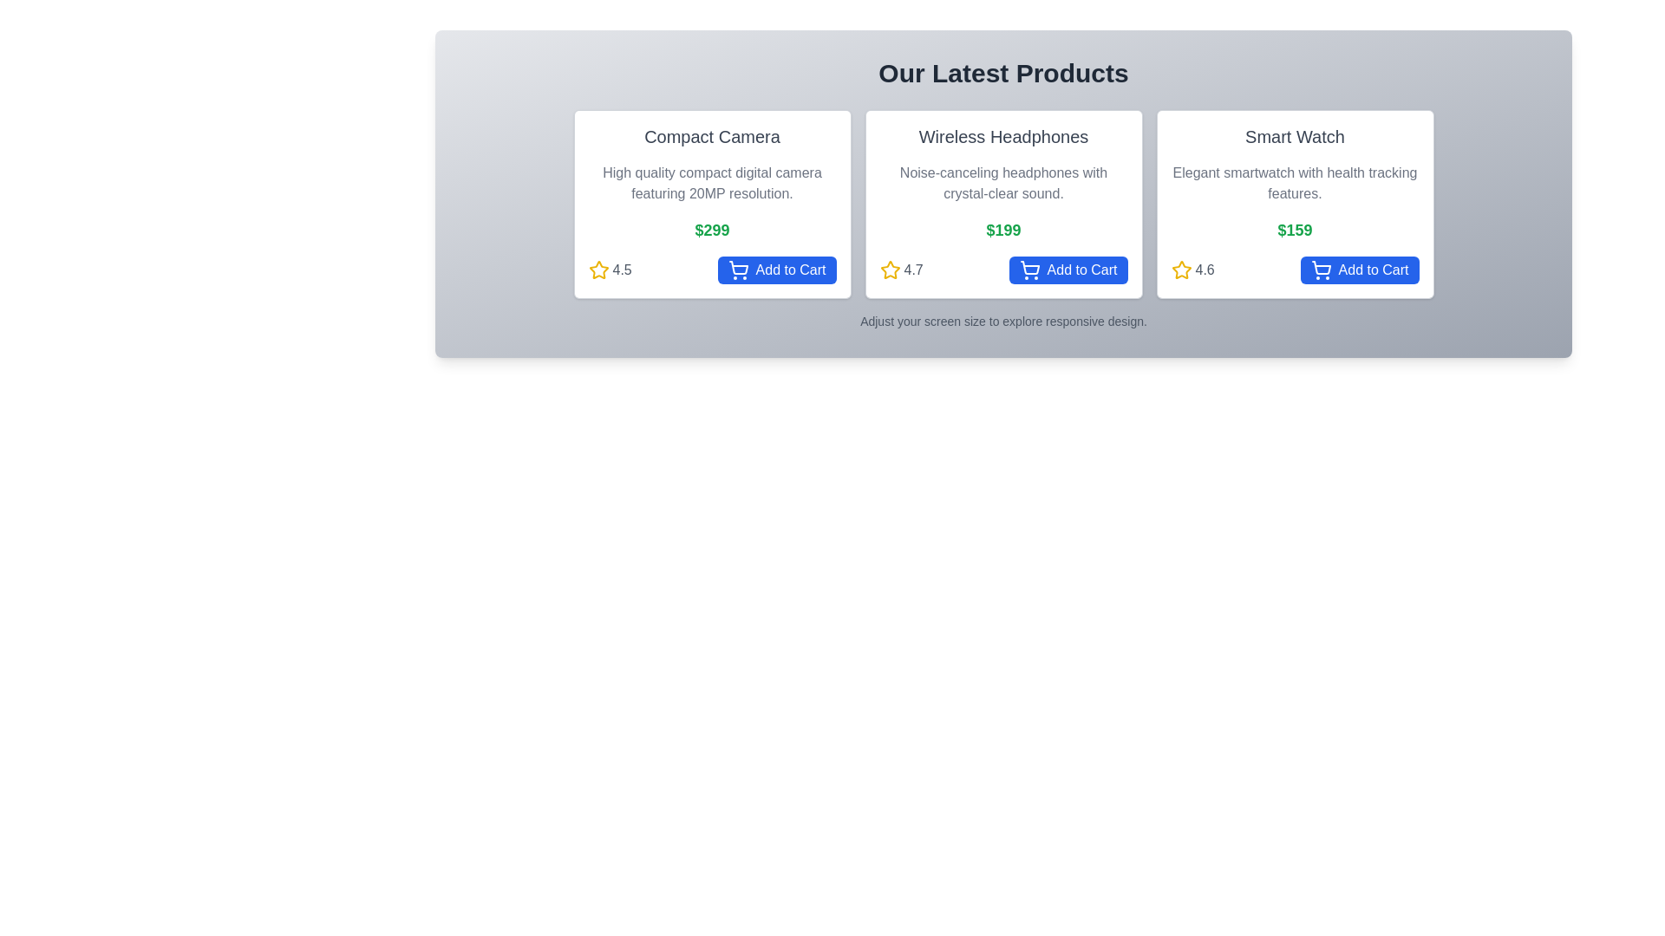 Image resolution: width=1665 pixels, height=936 pixels. Describe the element at coordinates (1003, 230) in the screenshot. I see `text content of the price label '$199' located in the product card for 'Wireless Headphones', positioned beneath the product description text` at that location.